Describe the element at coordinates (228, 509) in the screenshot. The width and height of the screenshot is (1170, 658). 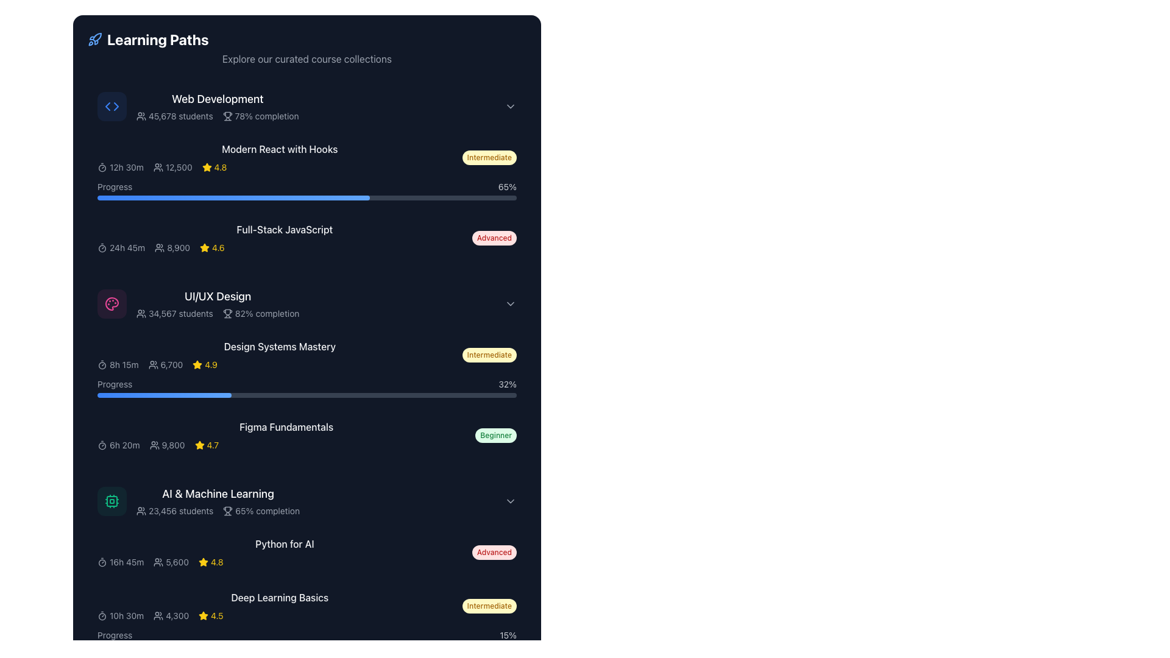
I see `the achievement icon representing 'AI & Machine Learning' progress, located next to the '65% completion' text` at that location.